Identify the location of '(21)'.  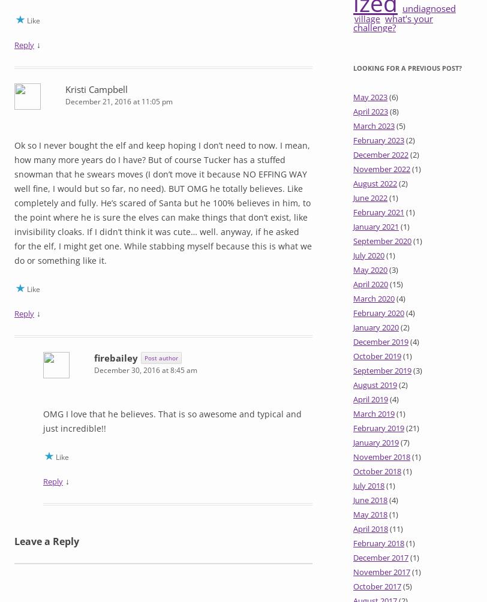
(411, 428).